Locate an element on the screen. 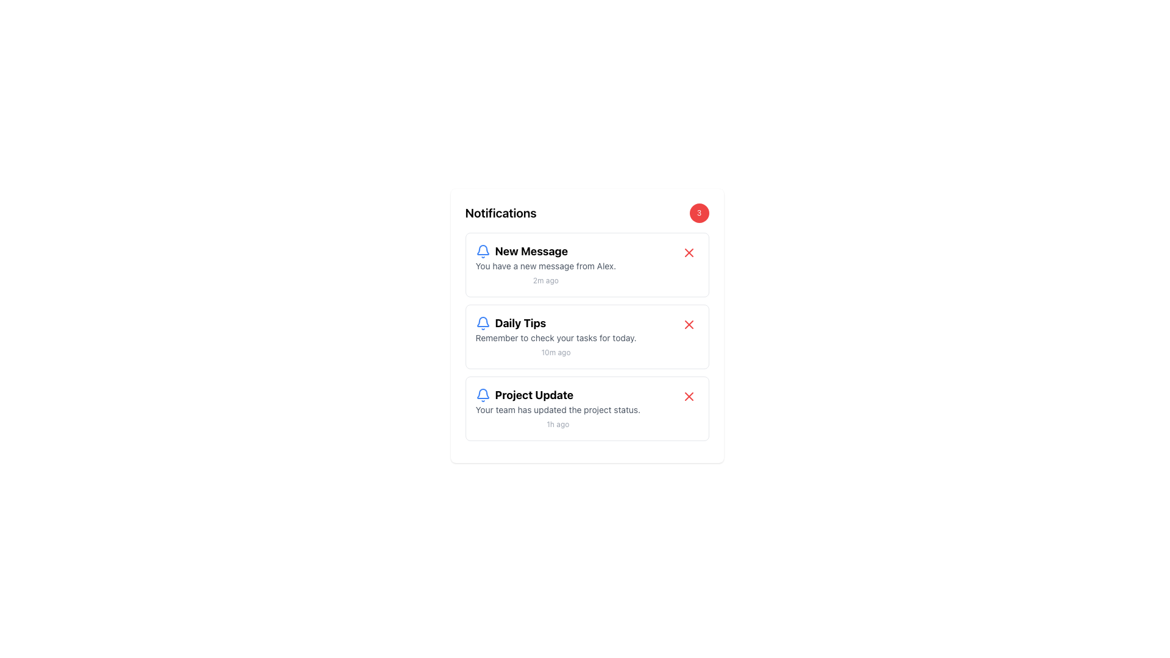  the 'New Message' text label element, which is styled with a bold font and aligned with a blue bell icon in the notification widget is located at coordinates (545, 250).